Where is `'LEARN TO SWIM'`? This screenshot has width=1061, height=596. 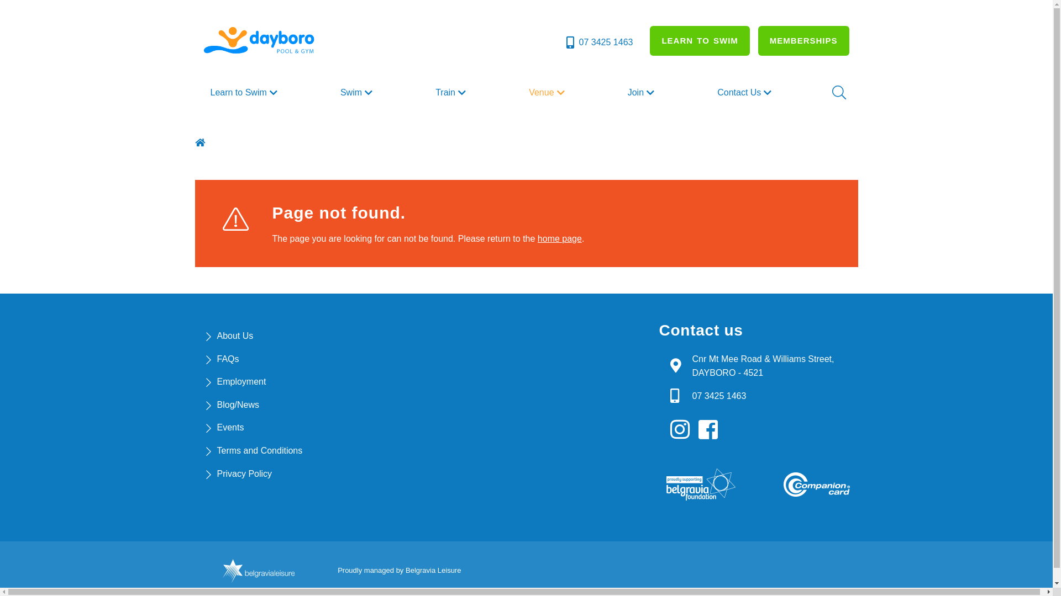 'LEARN TO SWIM' is located at coordinates (699, 40).